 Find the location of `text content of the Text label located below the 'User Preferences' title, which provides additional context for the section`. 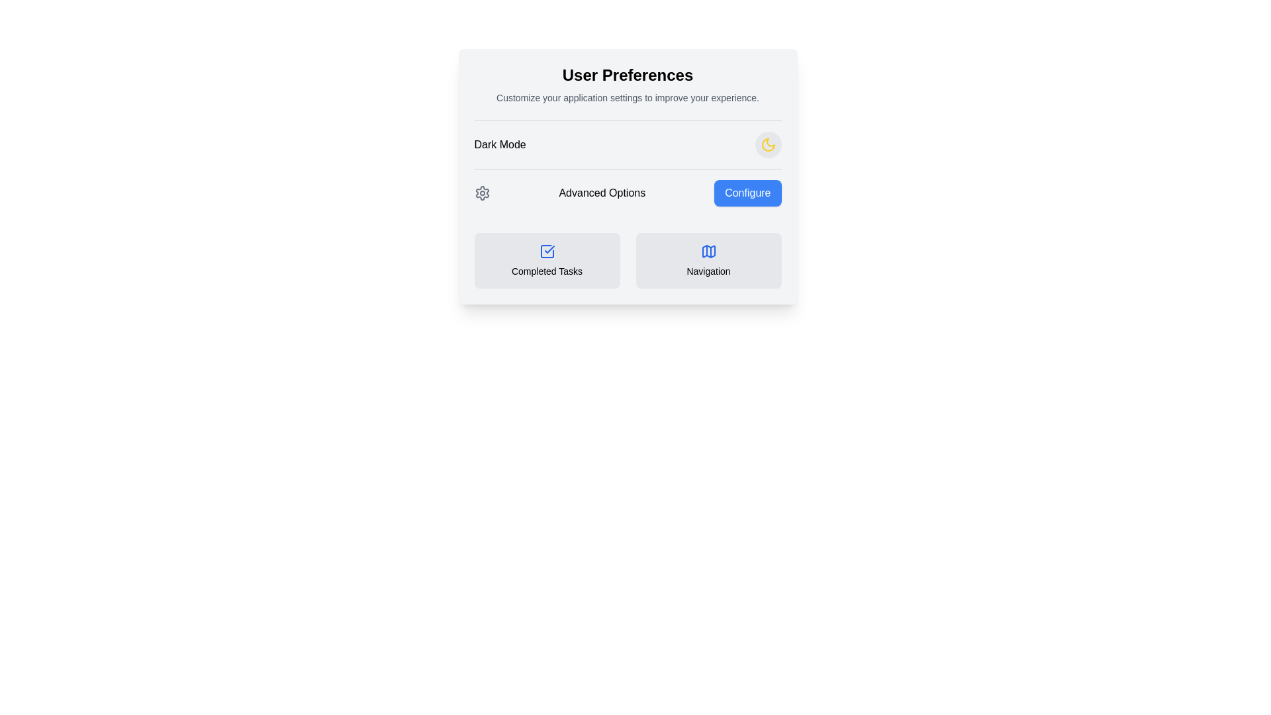

text content of the Text label located below the 'User Preferences' title, which provides additional context for the section is located at coordinates (627, 97).